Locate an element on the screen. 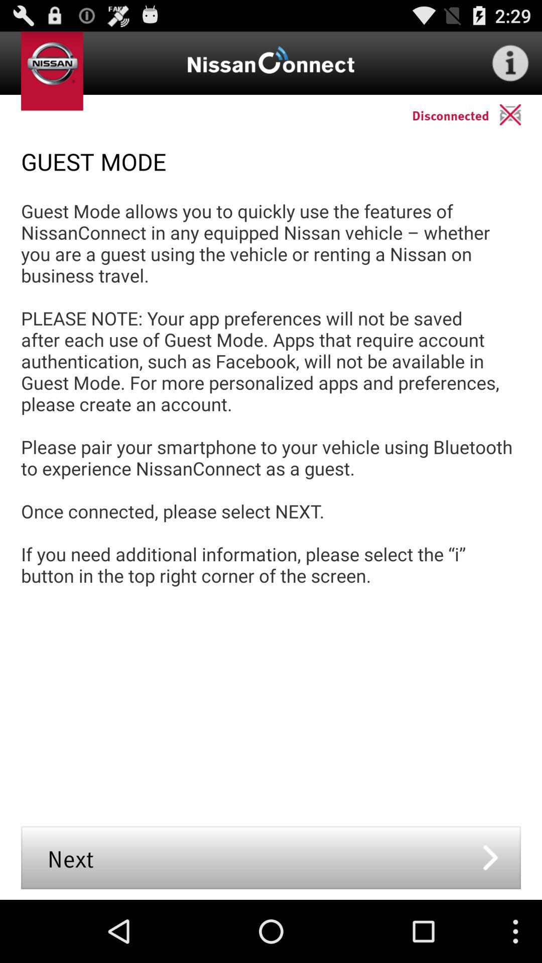  the app above disconnected item is located at coordinates (510, 62).